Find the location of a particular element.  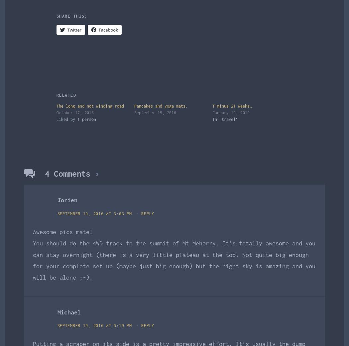

'September 19, 2016 at 3:03 pm' is located at coordinates (95, 213).